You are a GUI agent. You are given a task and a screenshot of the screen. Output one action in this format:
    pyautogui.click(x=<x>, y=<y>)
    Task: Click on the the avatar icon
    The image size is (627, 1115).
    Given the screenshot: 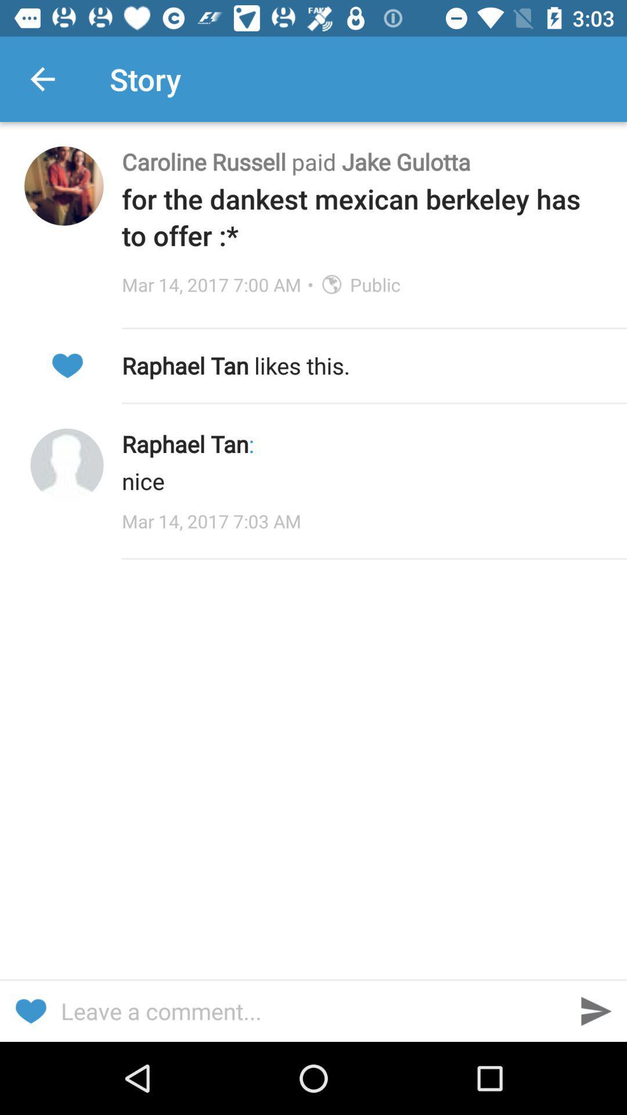 What is the action you would take?
    pyautogui.click(x=67, y=465)
    